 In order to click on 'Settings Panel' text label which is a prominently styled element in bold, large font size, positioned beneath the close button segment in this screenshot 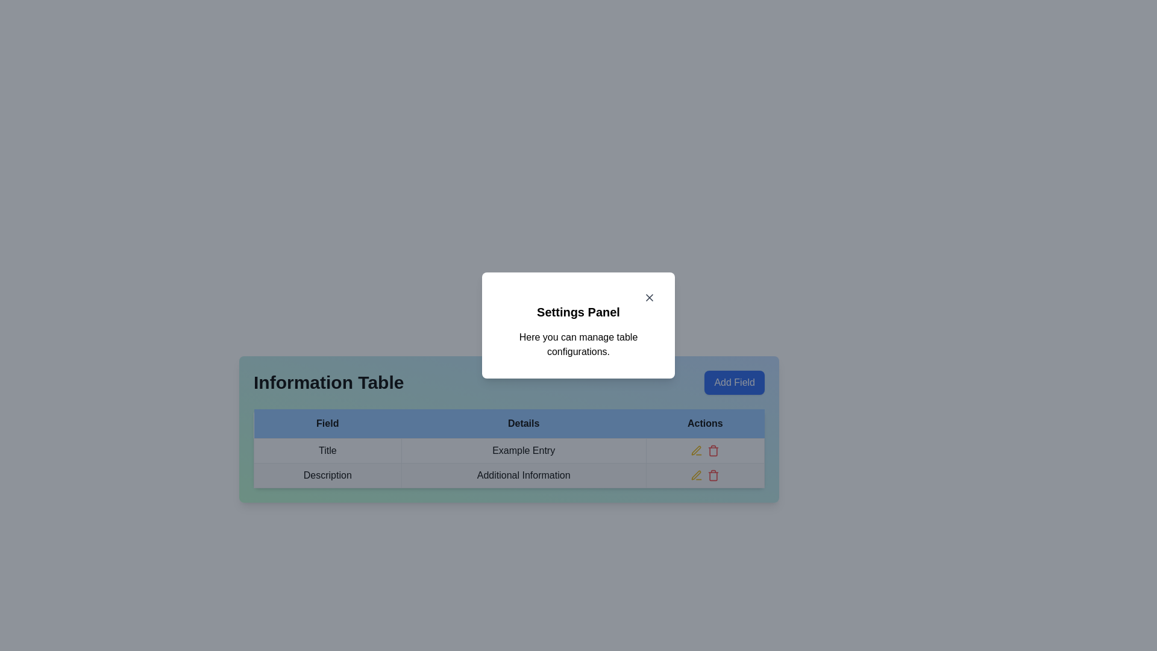, I will do `click(578, 311)`.